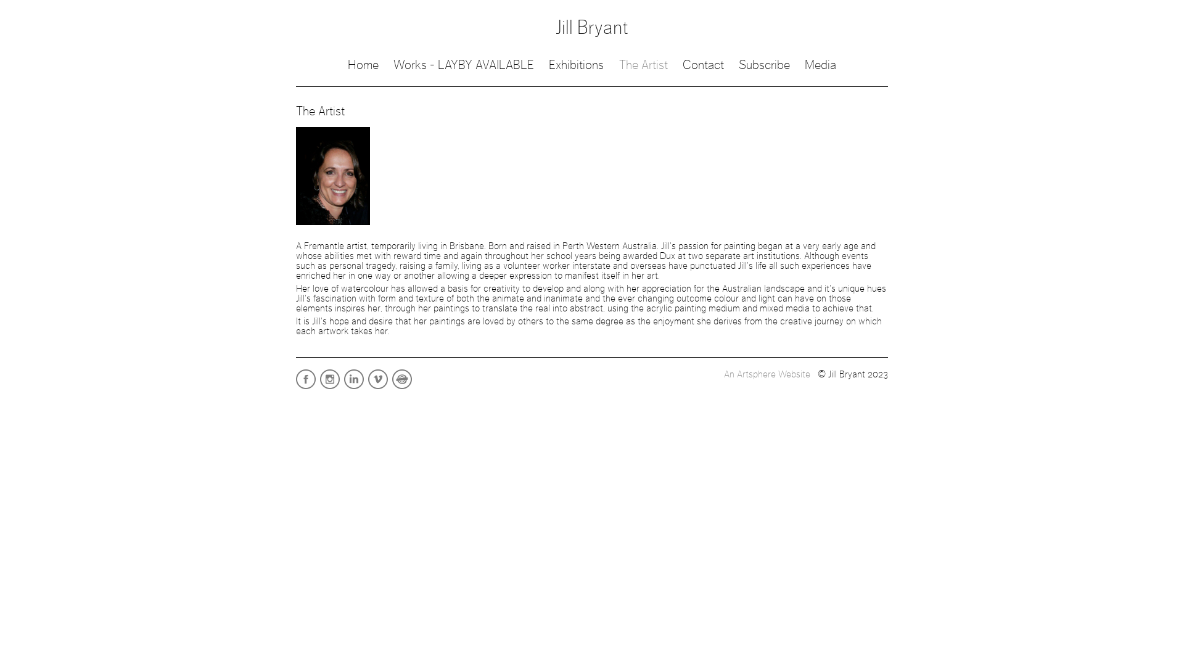 This screenshot has width=1184, height=666. I want to click on 'Home', so click(363, 65).